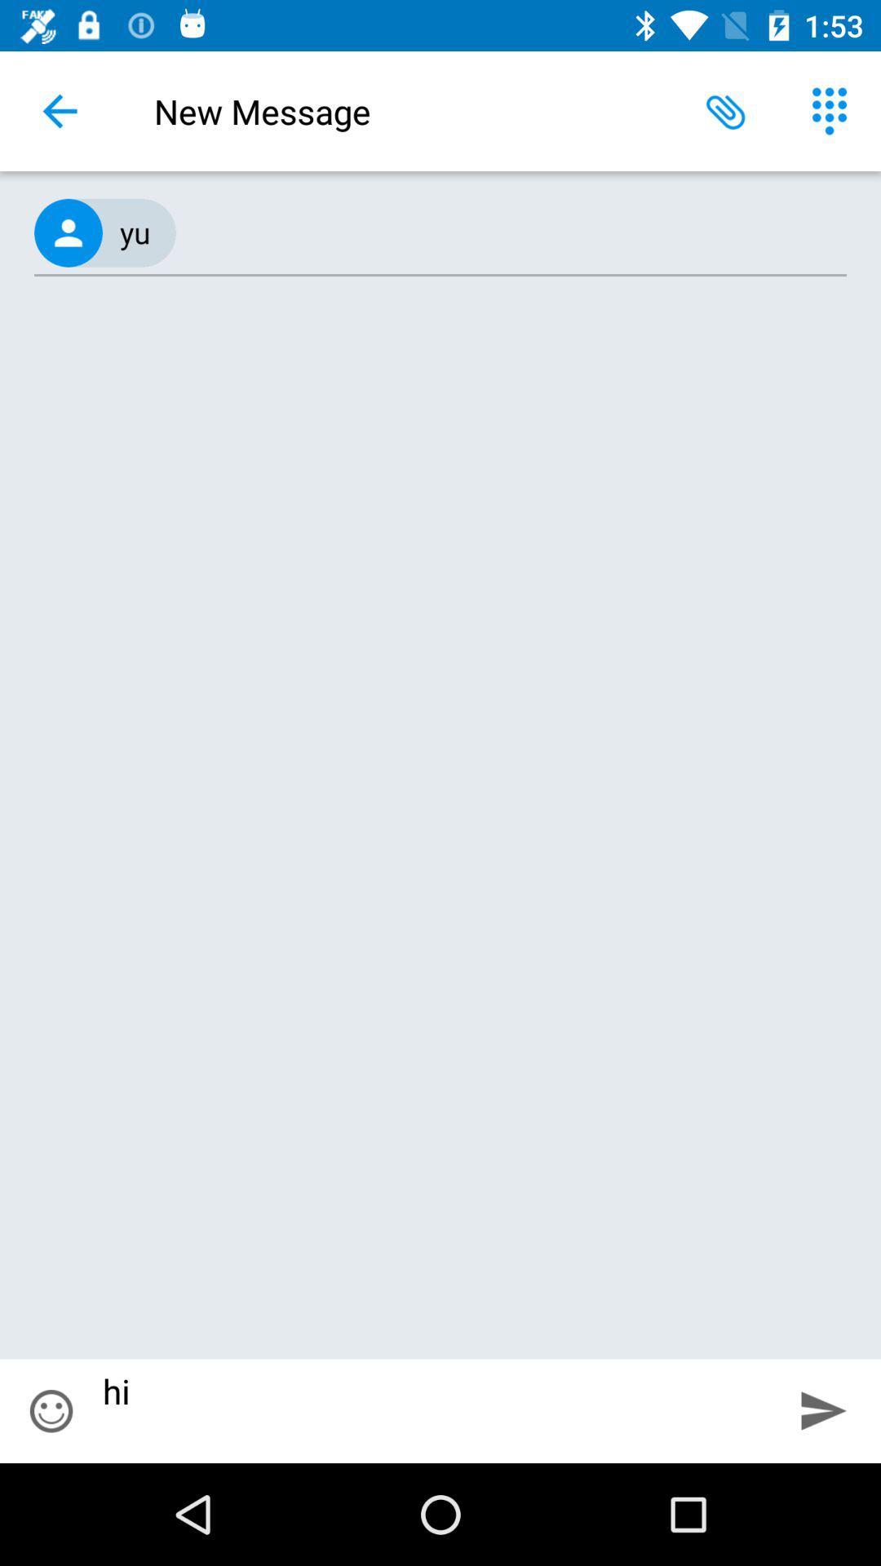  What do you see at coordinates (59, 110) in the screenshot?
I see `the item to the left of the new message icon` at bounding box center [59, 110].